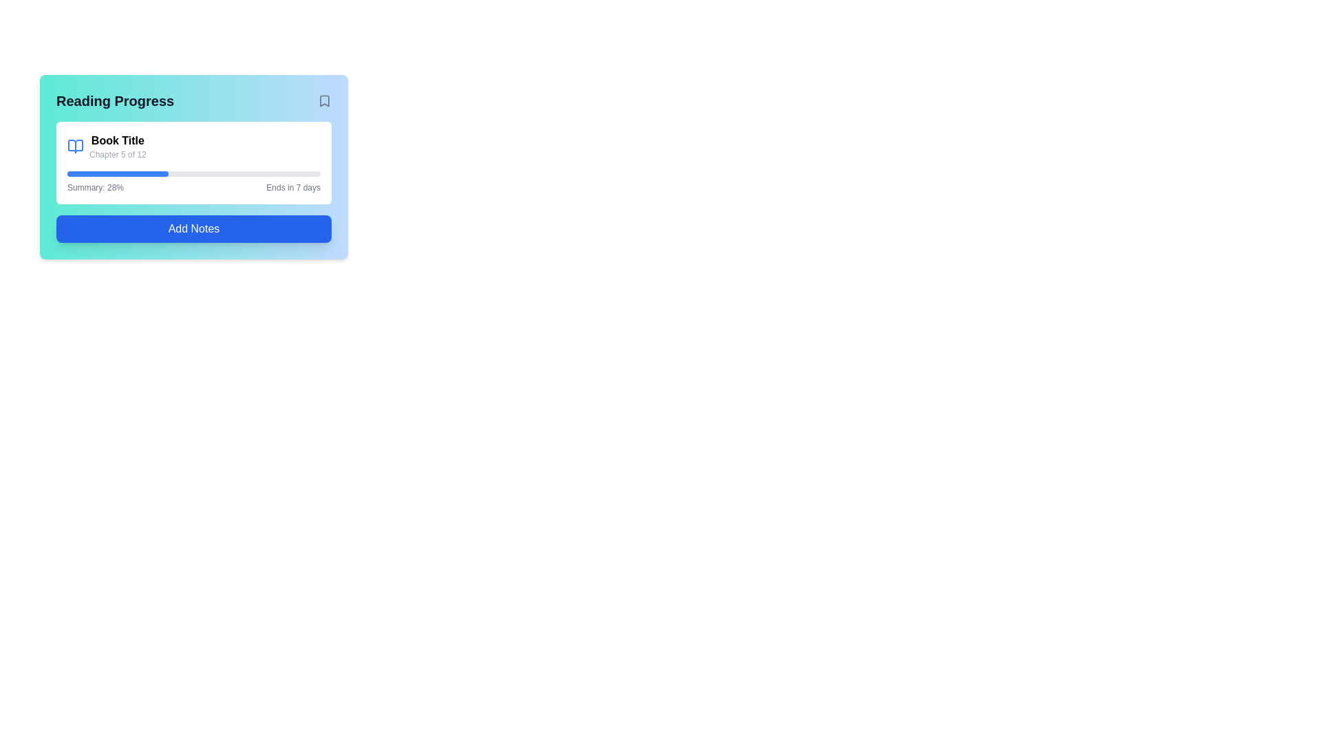  What do you see at coordinates (75, 146) in the screenshot?
I see `the open book icon, which is styled with a minimalist stroke design and is located to the left of the 'Book Title' text in the 'Reading Progress' card` at bounding box center [75, 146].